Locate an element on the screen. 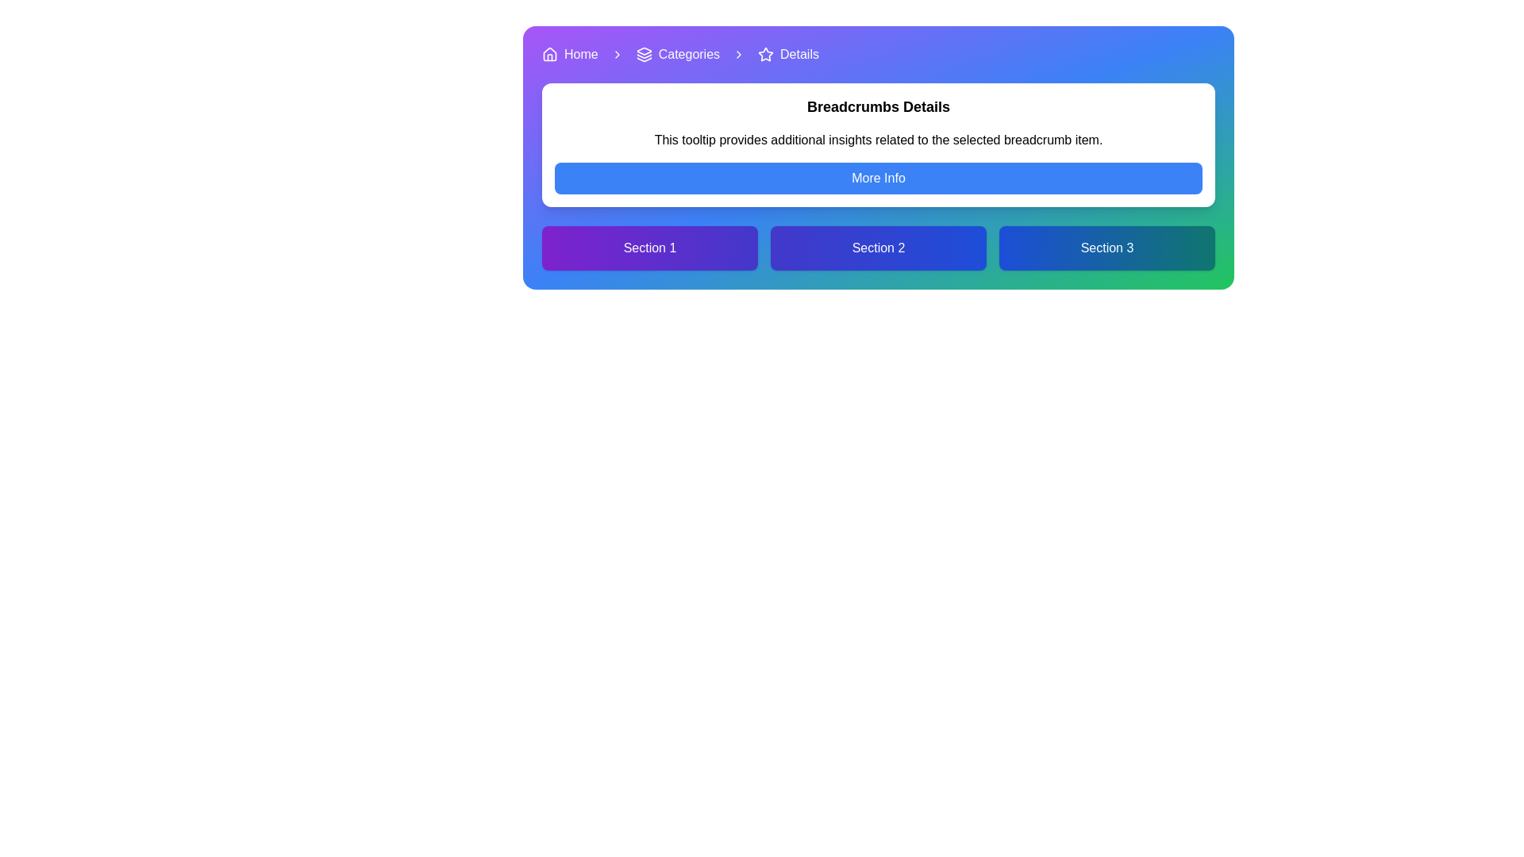  the 'Section 3' button, which serves as a navigational button in a horizontal row of three buttons is located at coordinates (1106, 248).